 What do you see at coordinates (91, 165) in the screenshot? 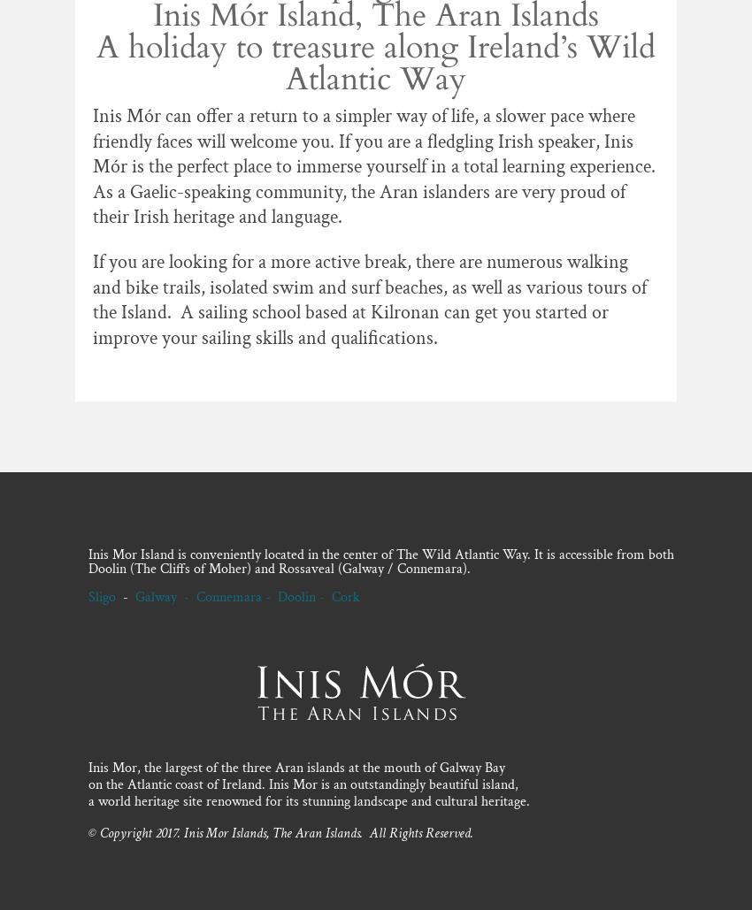
I see `'Inis Mór can offer a return to a simpler way of life, a slower pace where friendly faces will welcome you. If you are a fledgling Irish speaker, Inis Mór is the perfect place to immerse yourself in a total learning experience. As a Gaelic-speaking community, the Aran islanders are very proud of their Irish heritage and language.'` at bounding box center [91, 165].